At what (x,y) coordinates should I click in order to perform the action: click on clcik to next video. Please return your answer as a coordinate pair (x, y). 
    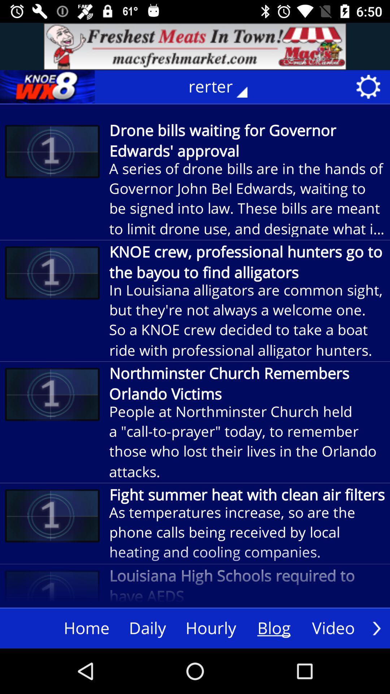
    Looking at the image, I should click on (376, 628).